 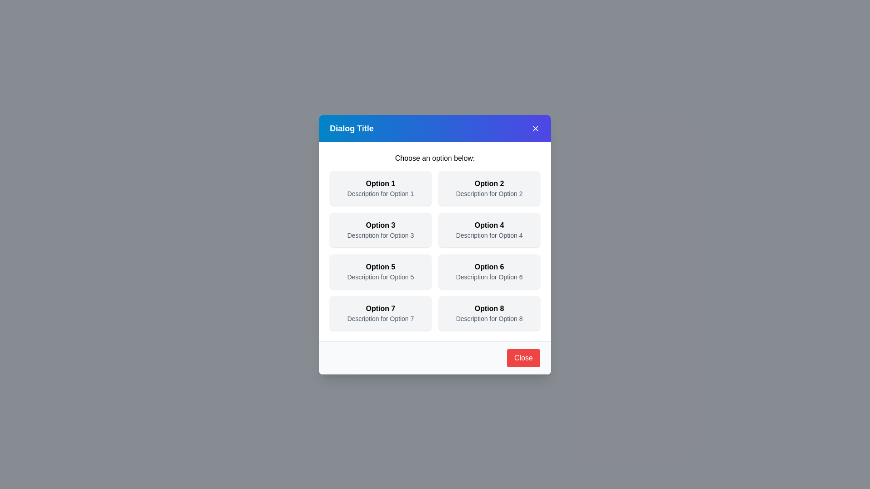 What do you see at coordinates (535, 128) in the screenshot?
I see `close button in the top-right corner of the dialog header` at bounding box center [535, 128].